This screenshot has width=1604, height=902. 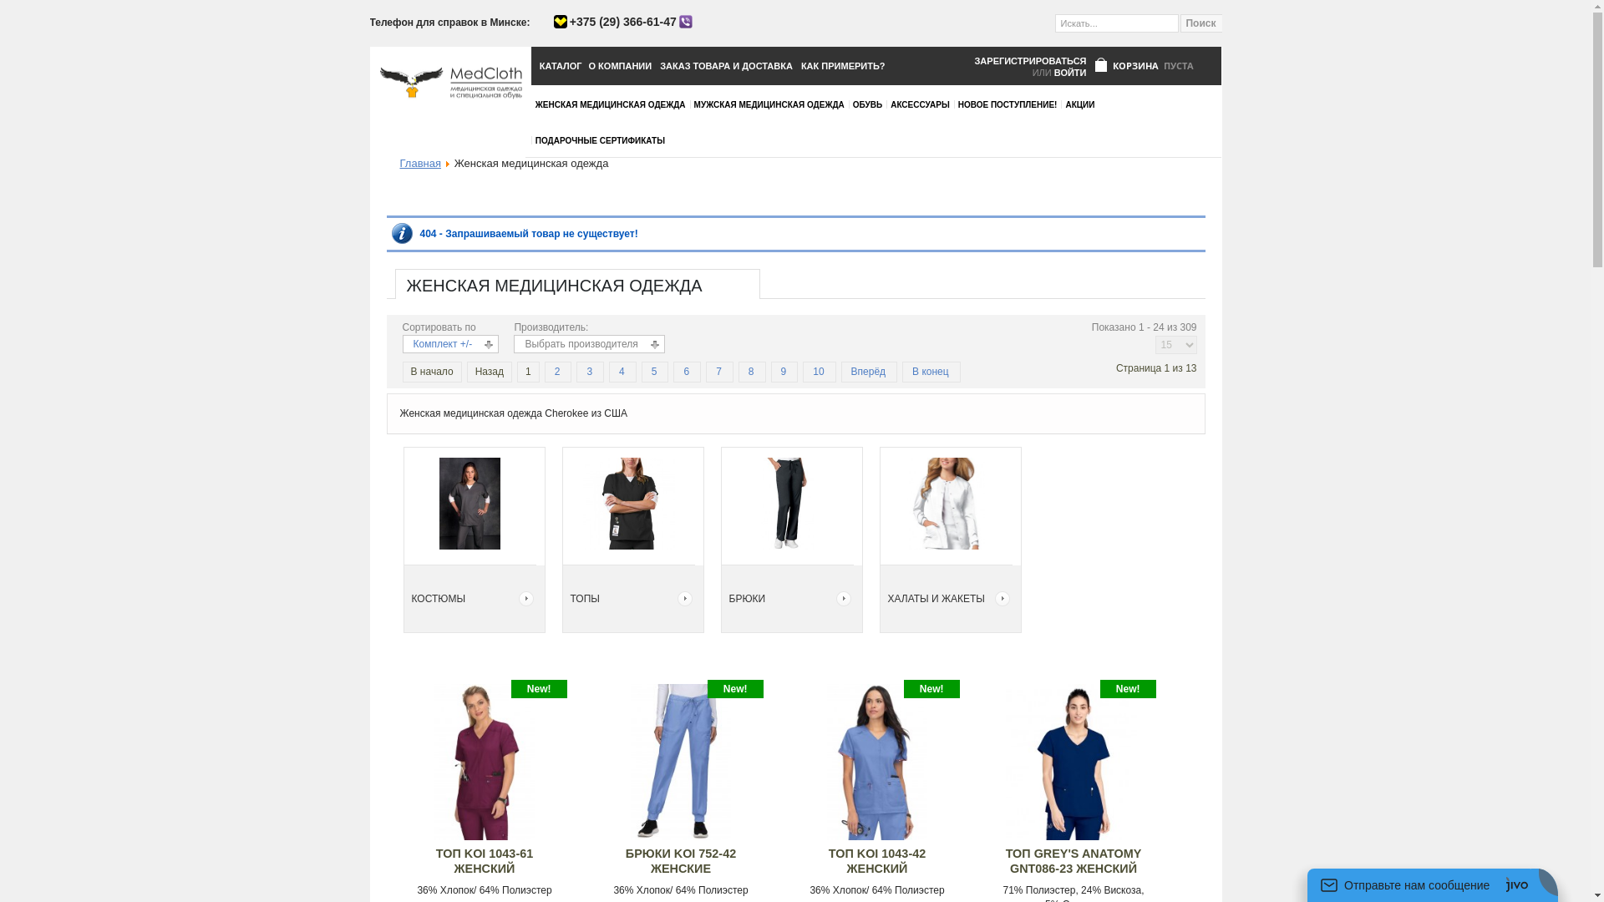 What do you see at coordinates (750, 370) in the screenshot?
I see `'8'` at bounding box center [750, 370].